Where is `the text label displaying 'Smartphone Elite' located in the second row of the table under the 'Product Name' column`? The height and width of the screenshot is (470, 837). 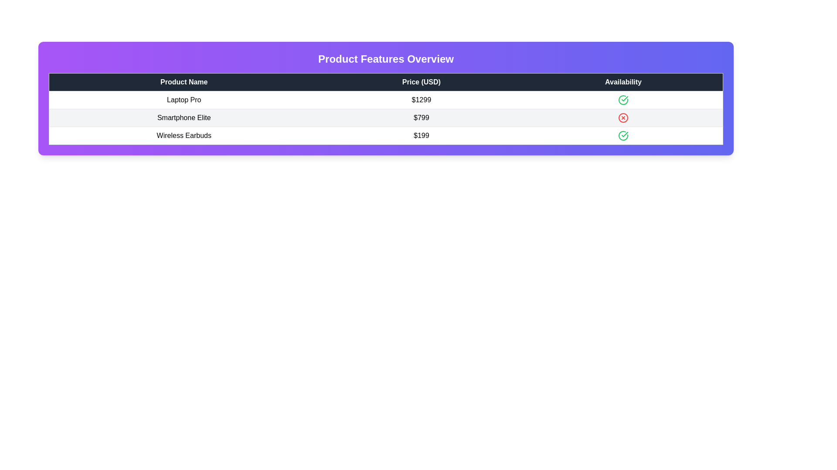
the text label displaying 'Smartphone Elite' located in the second row of the table under the 'Product Name' column is located at coordinates (184, 117).